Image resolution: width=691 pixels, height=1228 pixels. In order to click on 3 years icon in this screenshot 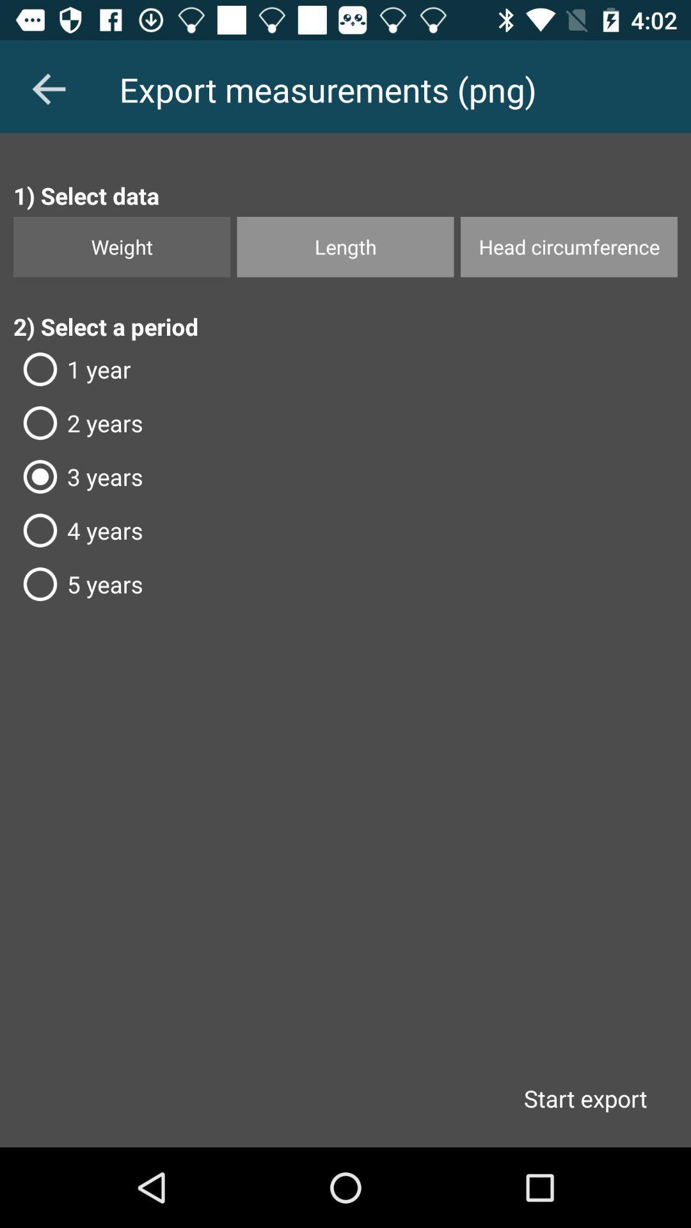, I will do `click(345, 476)`.